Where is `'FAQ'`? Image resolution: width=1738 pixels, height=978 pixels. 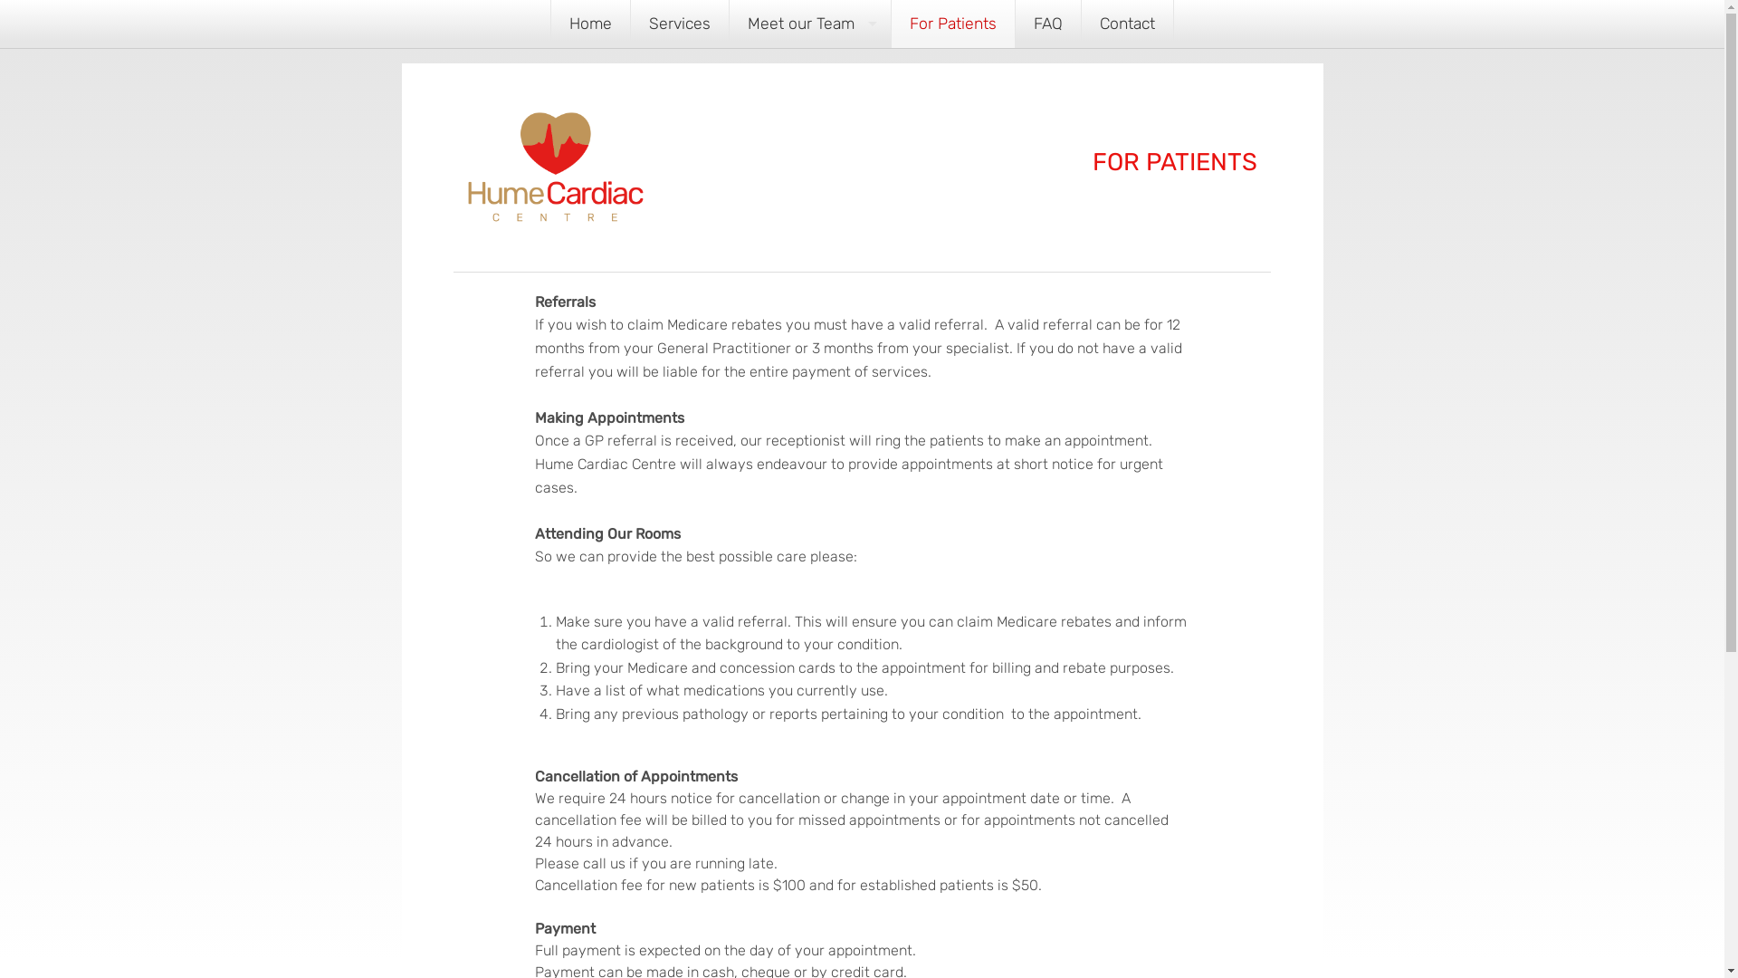
'FAQ' is located at coordinates (1047, 24).